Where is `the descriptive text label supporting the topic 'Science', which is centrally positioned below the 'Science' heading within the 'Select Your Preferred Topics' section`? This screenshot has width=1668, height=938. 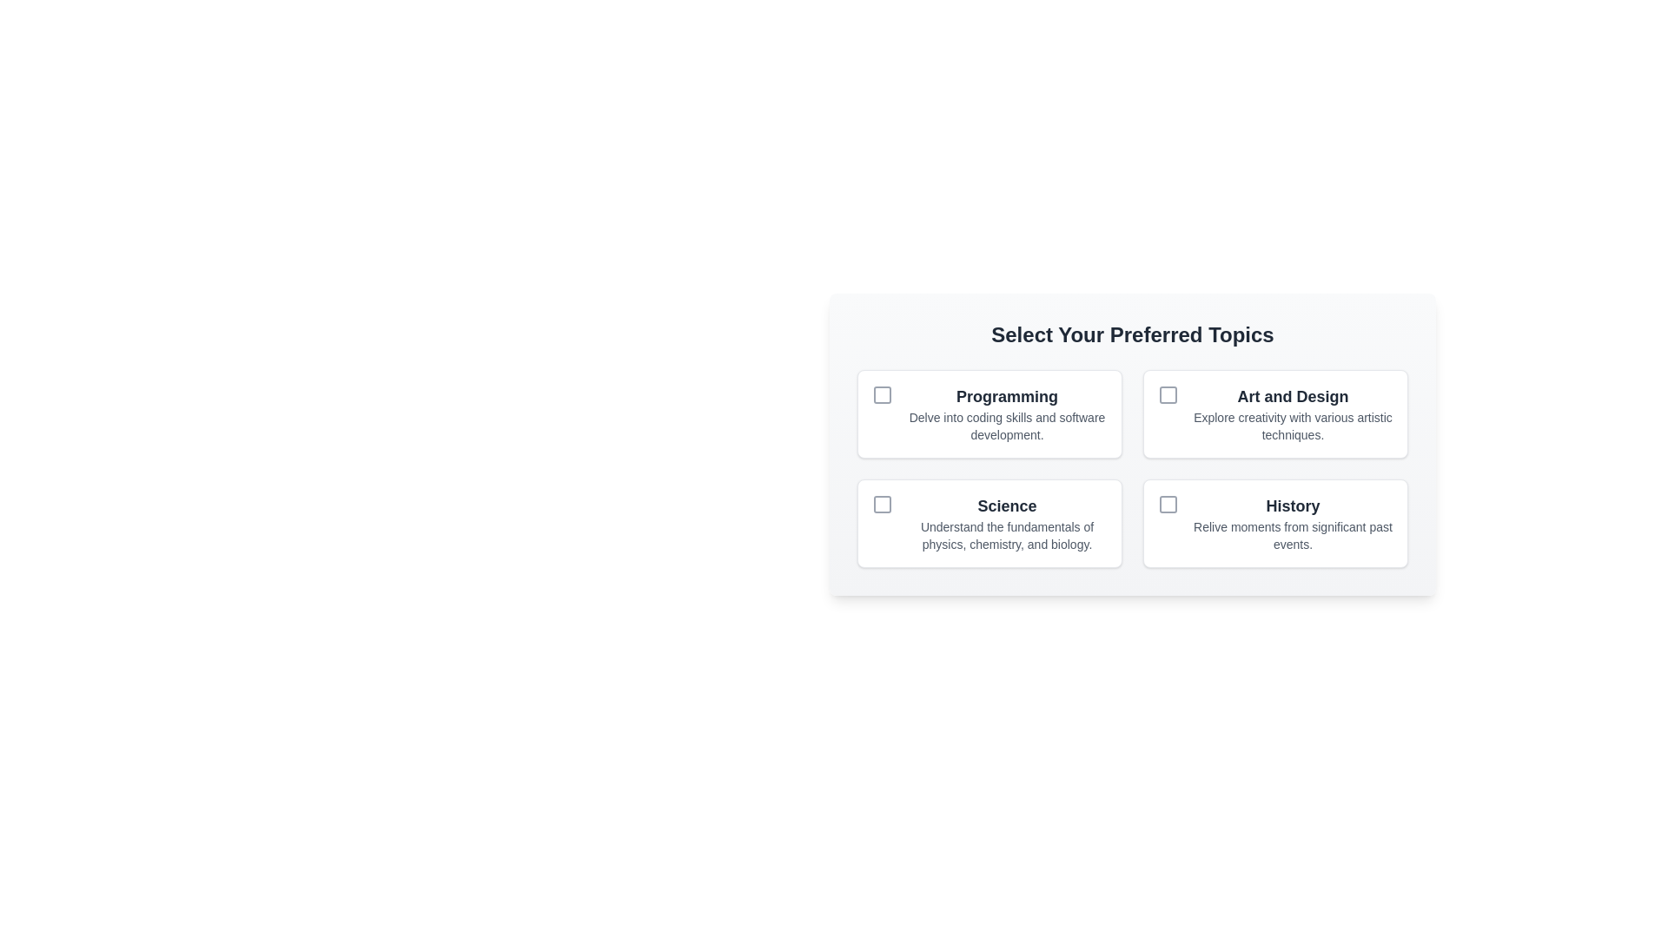
the descriptive text label supporting the topic 'Science', which is centrally positioned below the 'Science' heading within the 'Select Your Preferred Topics' section is located at coordinates (1007, 535).